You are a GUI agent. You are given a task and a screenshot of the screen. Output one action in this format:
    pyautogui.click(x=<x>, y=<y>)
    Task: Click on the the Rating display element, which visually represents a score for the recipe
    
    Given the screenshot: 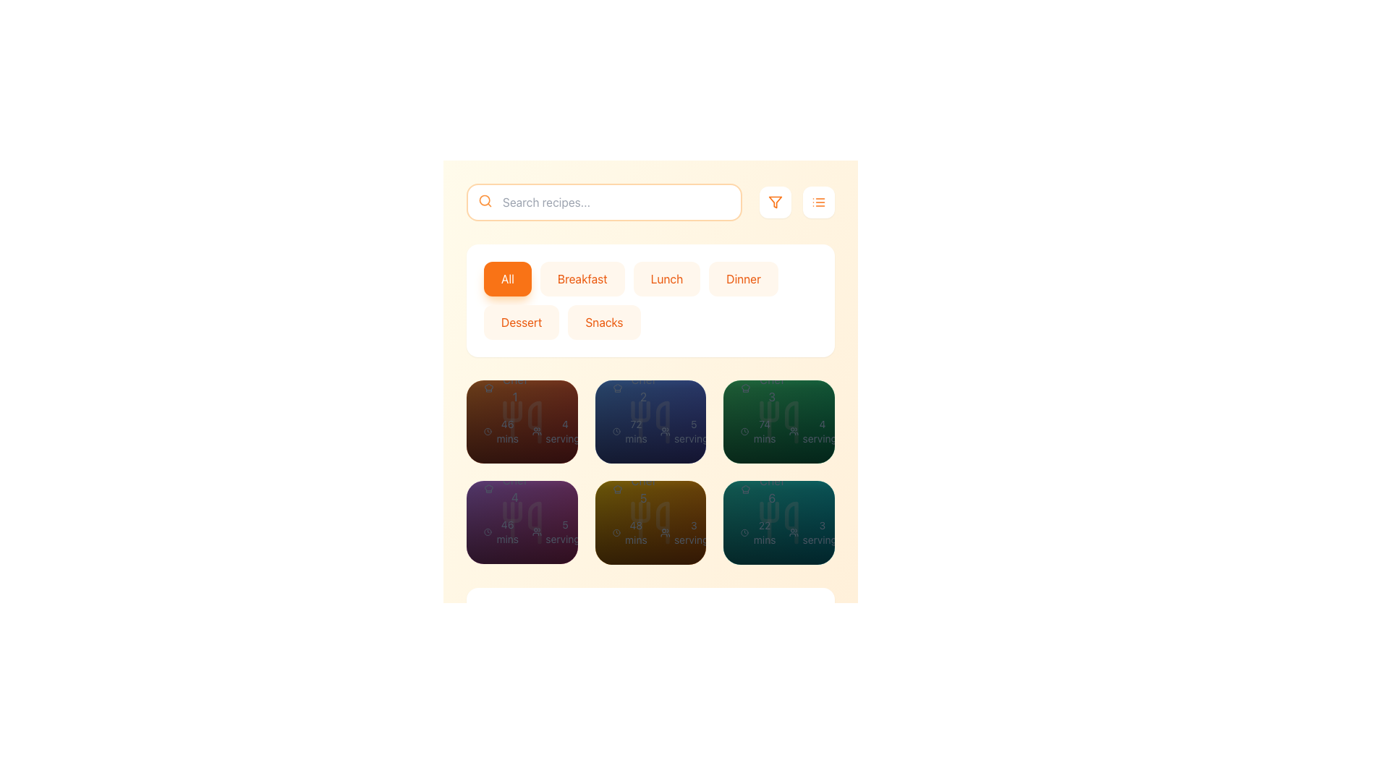 What is the action you would take?
    pyautogui.click(x=675, y=439)
    